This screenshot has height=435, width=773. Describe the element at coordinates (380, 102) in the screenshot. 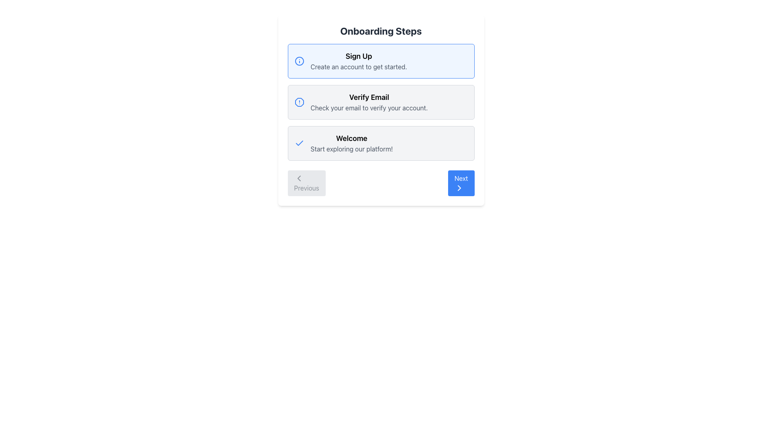

I see `information card that instructs users to verify their email address, positioned as the second card in the vertical list of three cards within the 'Onboarding Steps' section` at that location.